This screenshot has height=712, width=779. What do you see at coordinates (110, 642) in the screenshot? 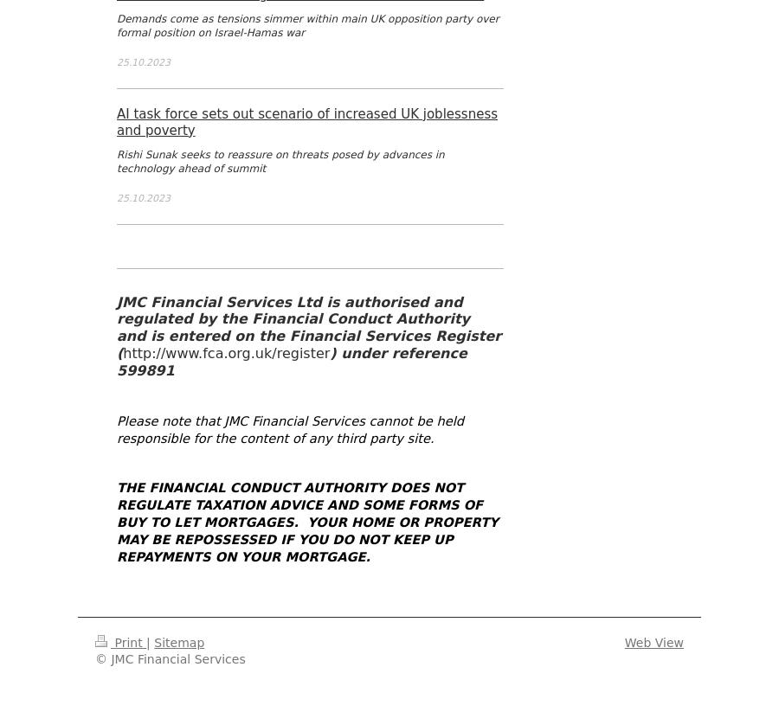
I see `'Print'` at bounding box center [110, 642].